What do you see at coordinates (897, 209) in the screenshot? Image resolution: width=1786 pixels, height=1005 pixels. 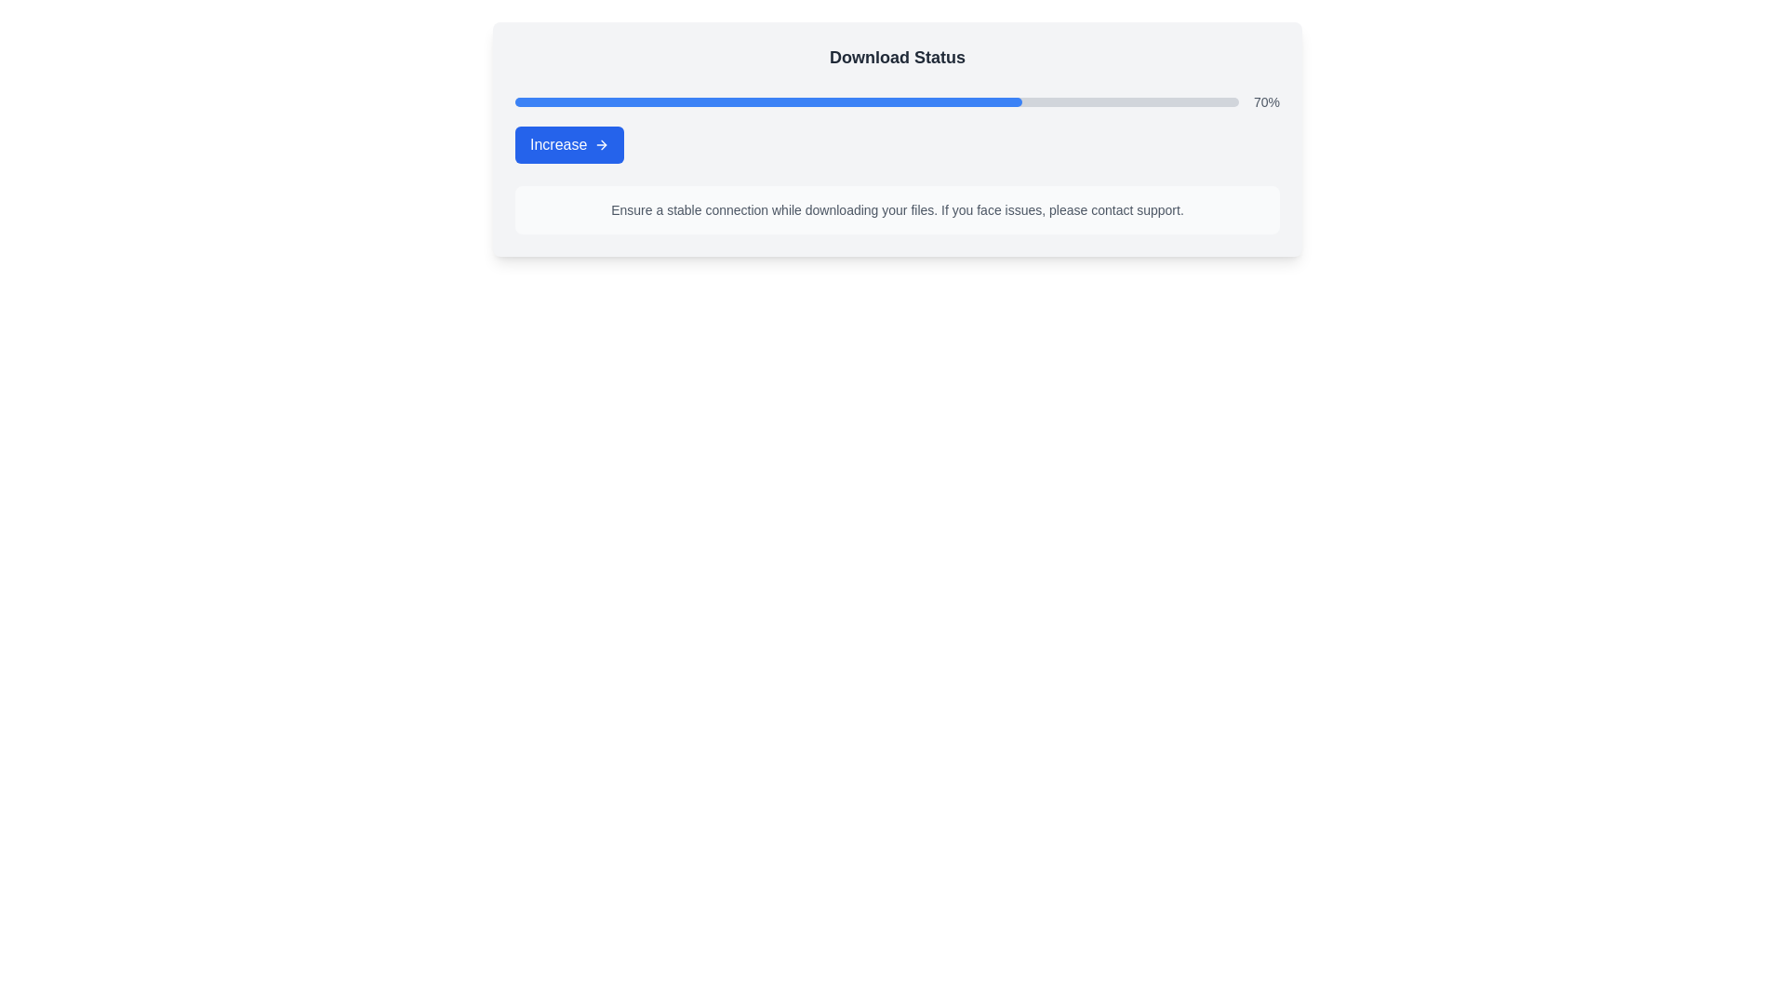 I see `the informational static text label about the importance of a stable connection during downloads` at bounding box center [897, 209].